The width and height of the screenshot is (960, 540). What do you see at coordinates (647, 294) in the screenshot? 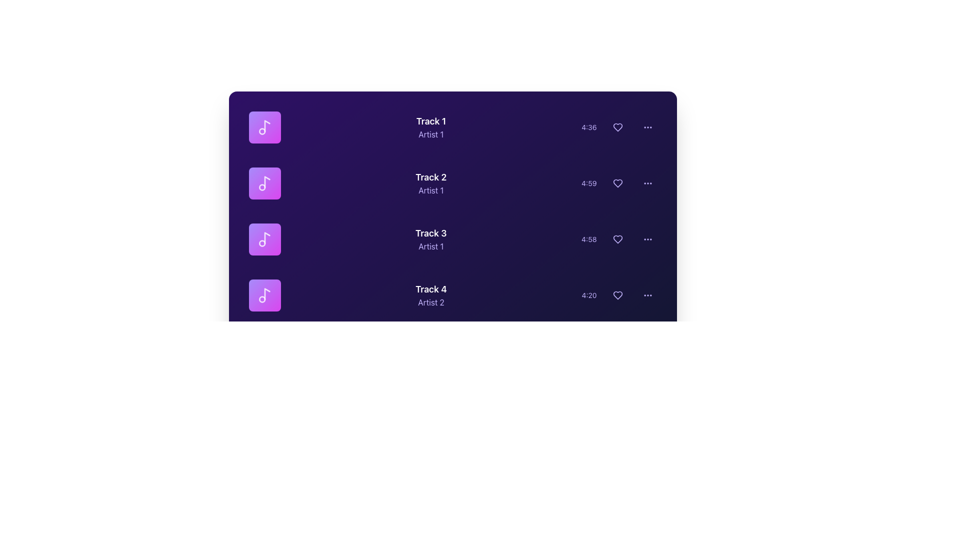
I see `the light violet horizontal ellipsis icon located in the rightmost section of the row corresponding to 'Track 4'` at bounding box center [647, 294].